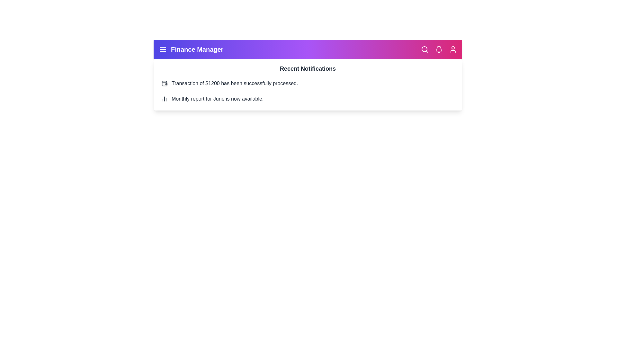  I want to click on the menu icon to open the menu, so click(163, 49).